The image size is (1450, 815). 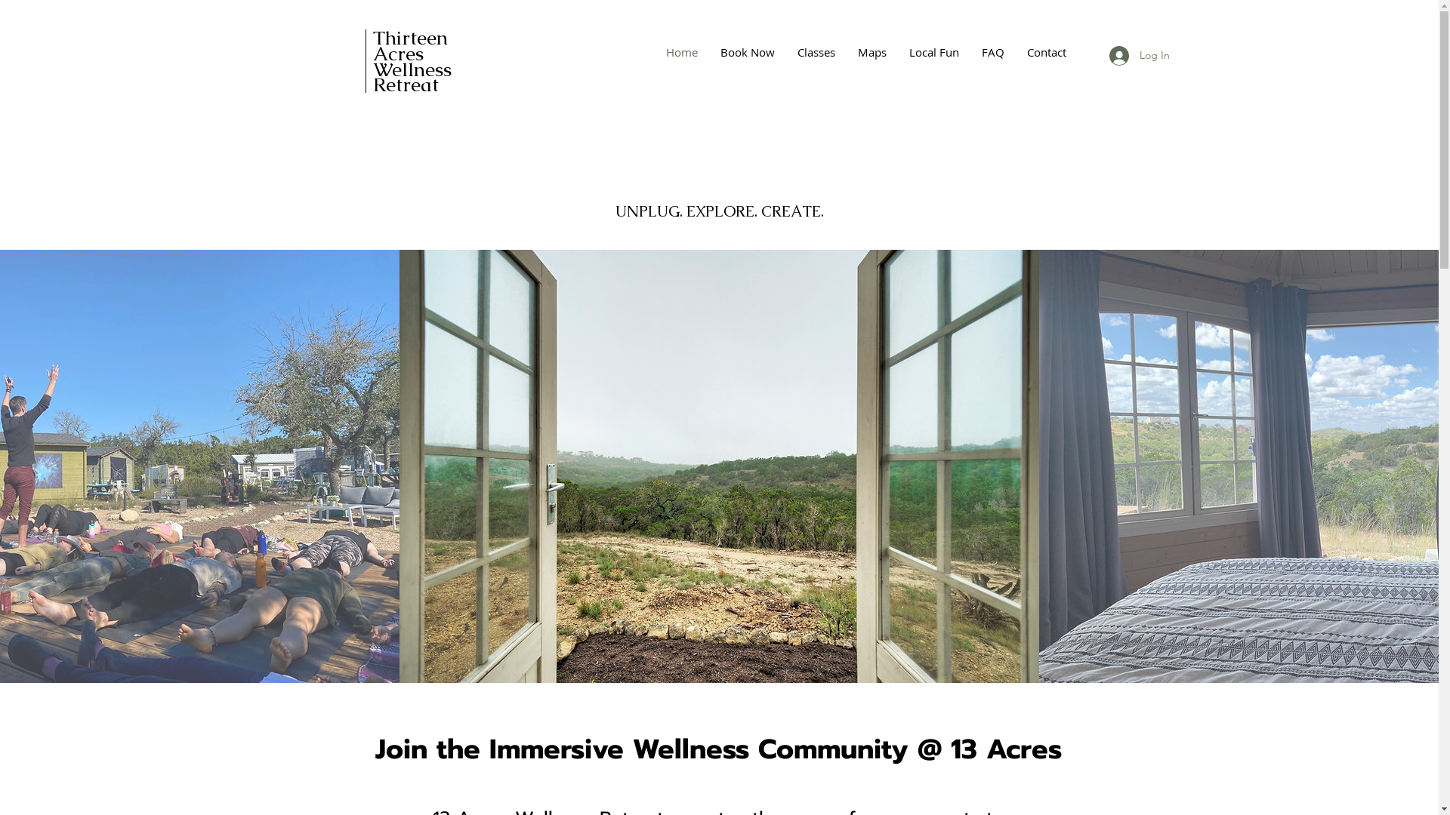 I want to click on 'Classes', so click(x=815, y=51).